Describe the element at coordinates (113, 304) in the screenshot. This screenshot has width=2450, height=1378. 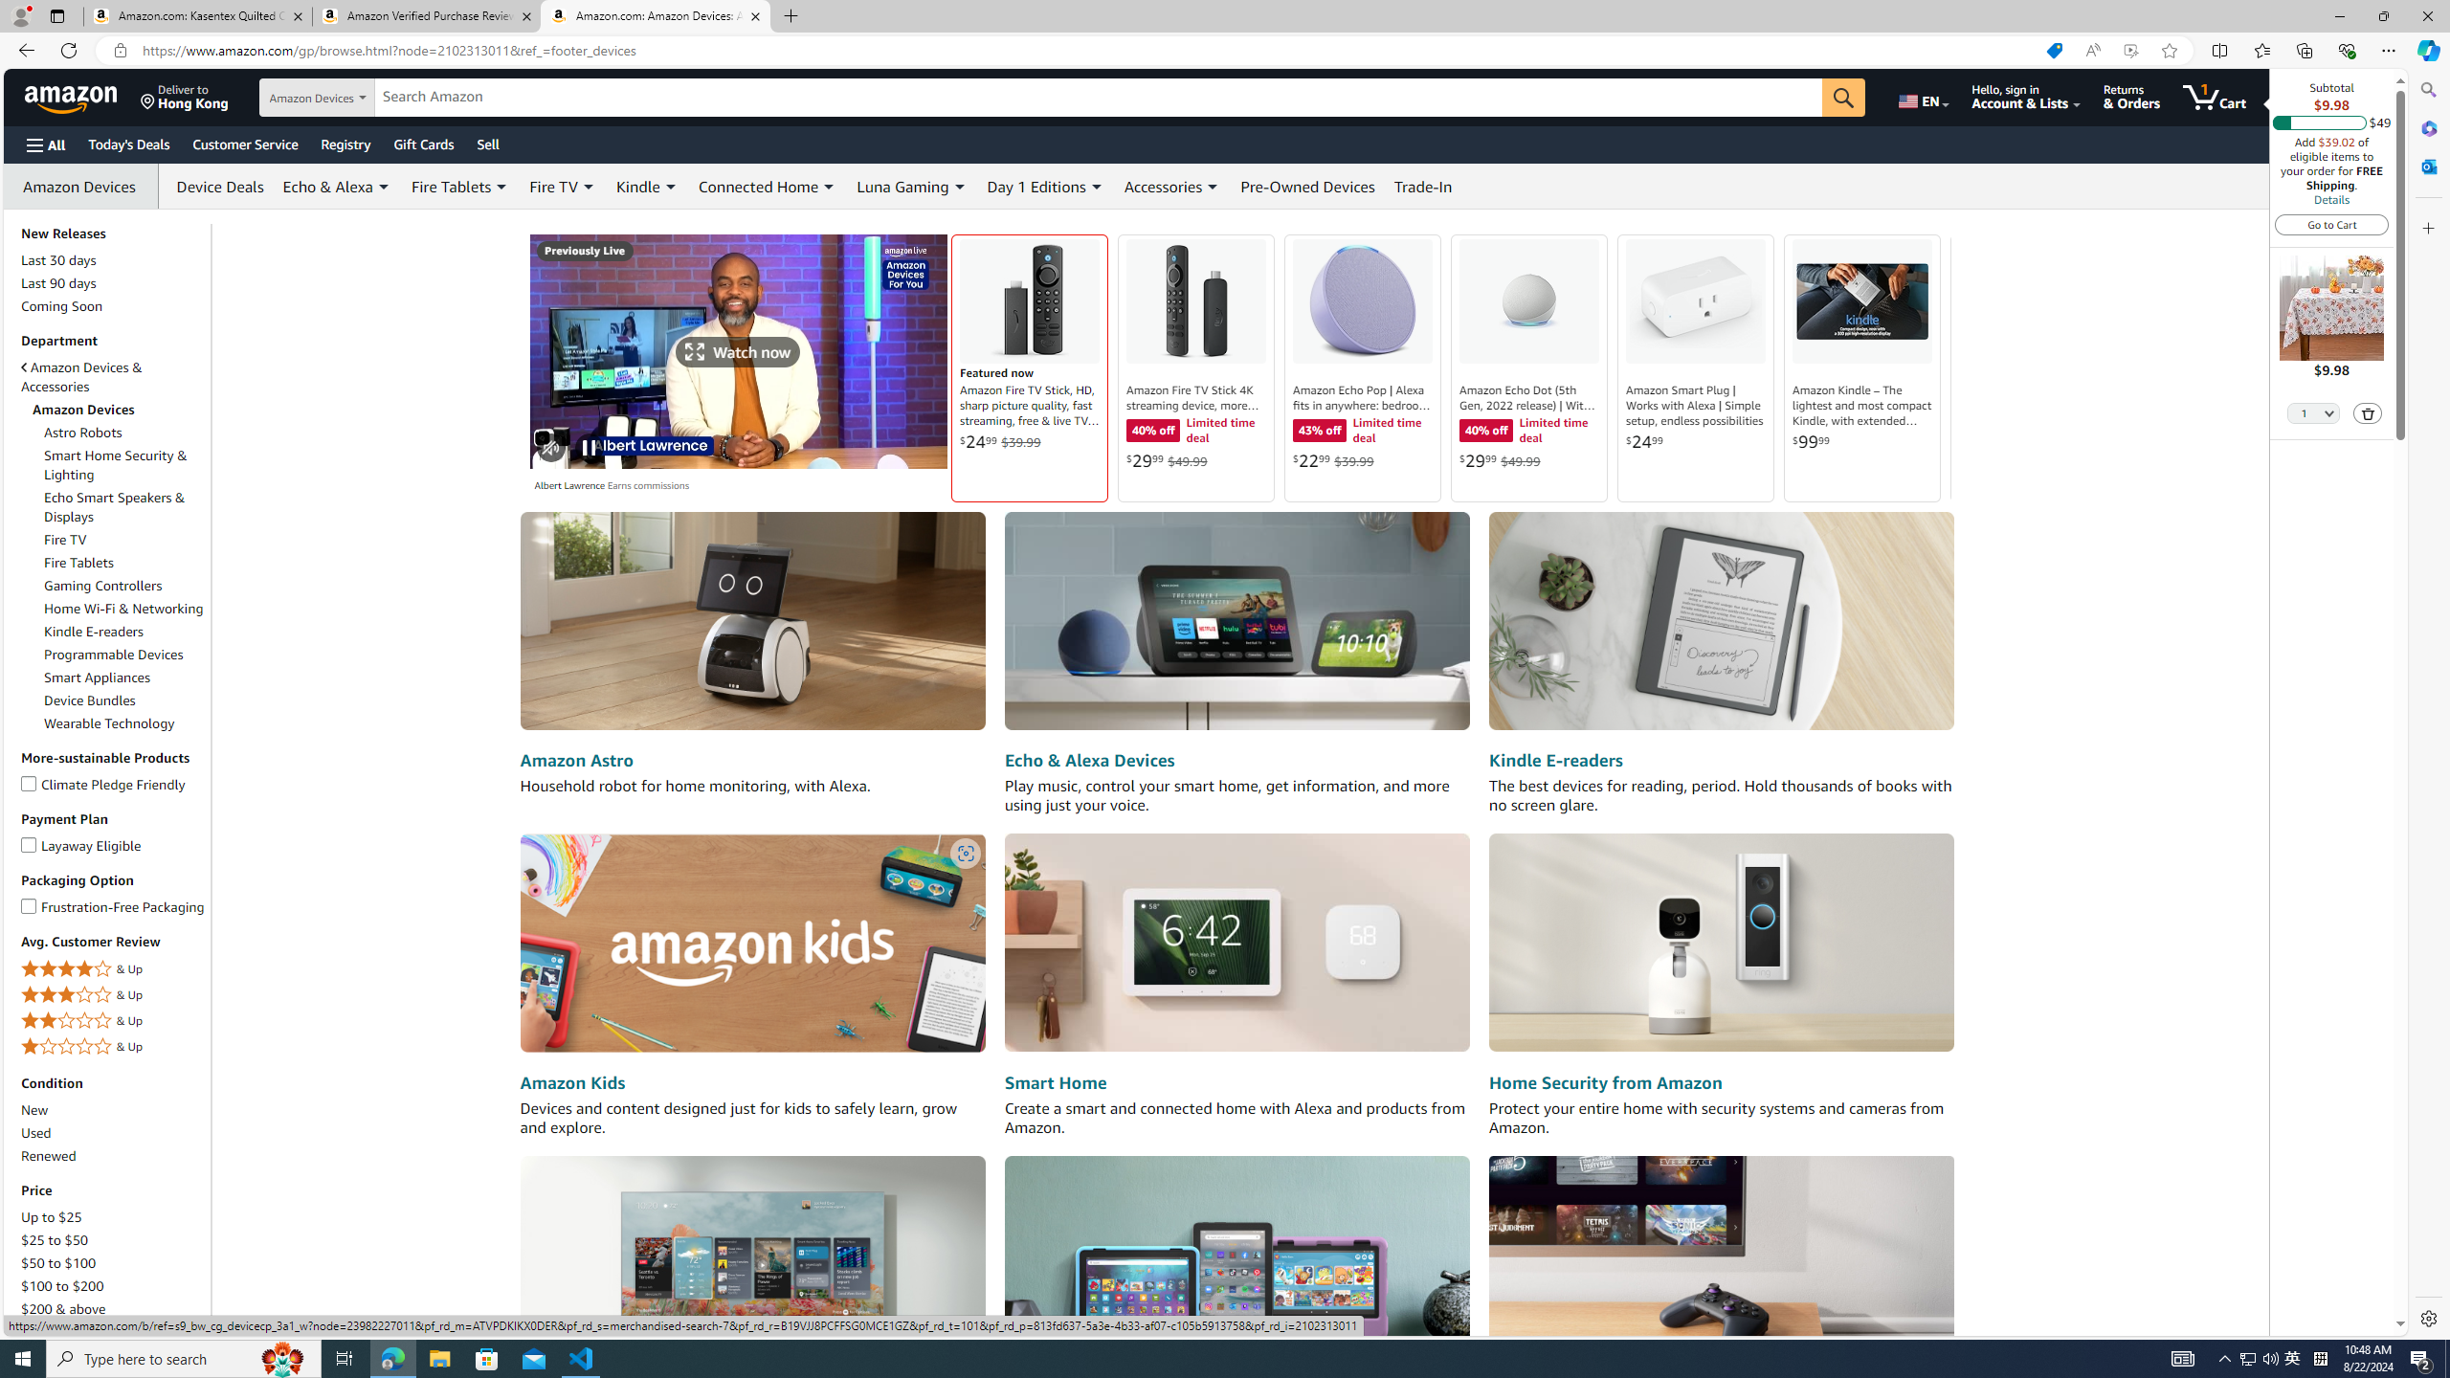
I see `'Coming Soon'` at that location.